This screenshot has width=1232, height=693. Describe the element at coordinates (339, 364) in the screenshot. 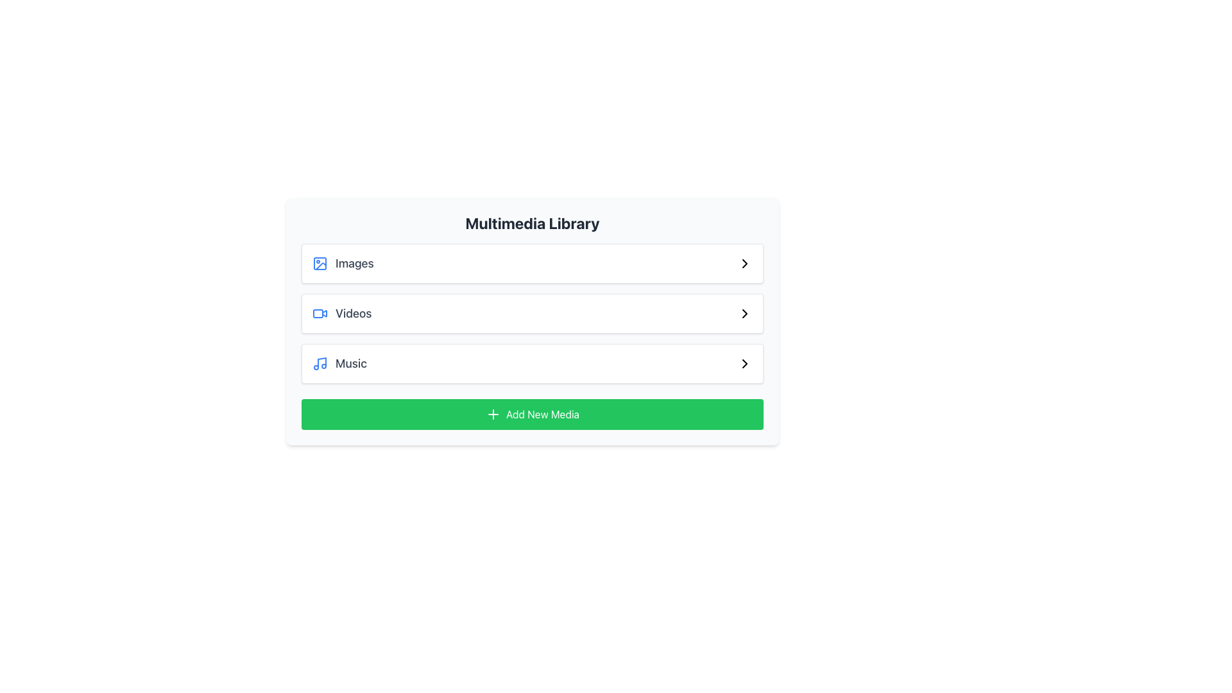

I see `the 'Music' text element with a blue note icon in the 'Multimedia Library' section, which is the third item in a vertical list` at that location.